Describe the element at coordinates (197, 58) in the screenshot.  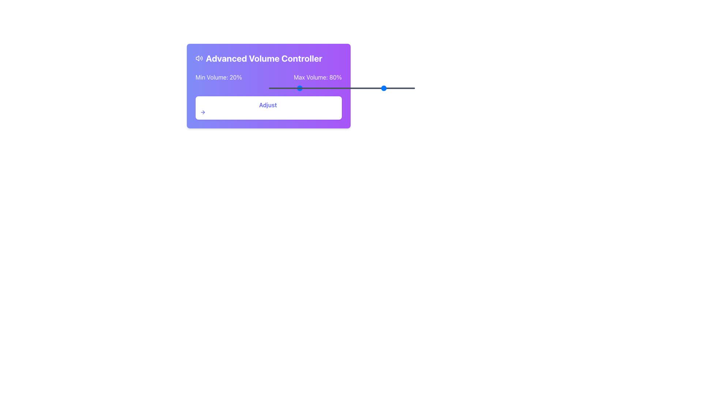
I see `the leftmost speaker icon indicating audio functionality, positioned next to the 'Advanced Volume Controller' text header` at that location.